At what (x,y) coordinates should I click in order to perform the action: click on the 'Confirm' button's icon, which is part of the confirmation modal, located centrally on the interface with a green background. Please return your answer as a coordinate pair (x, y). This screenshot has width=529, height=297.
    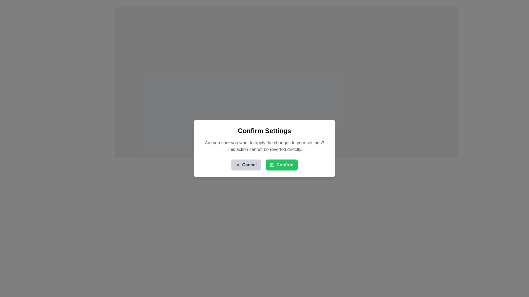
    Looking at the image, I should click on (272, 165).